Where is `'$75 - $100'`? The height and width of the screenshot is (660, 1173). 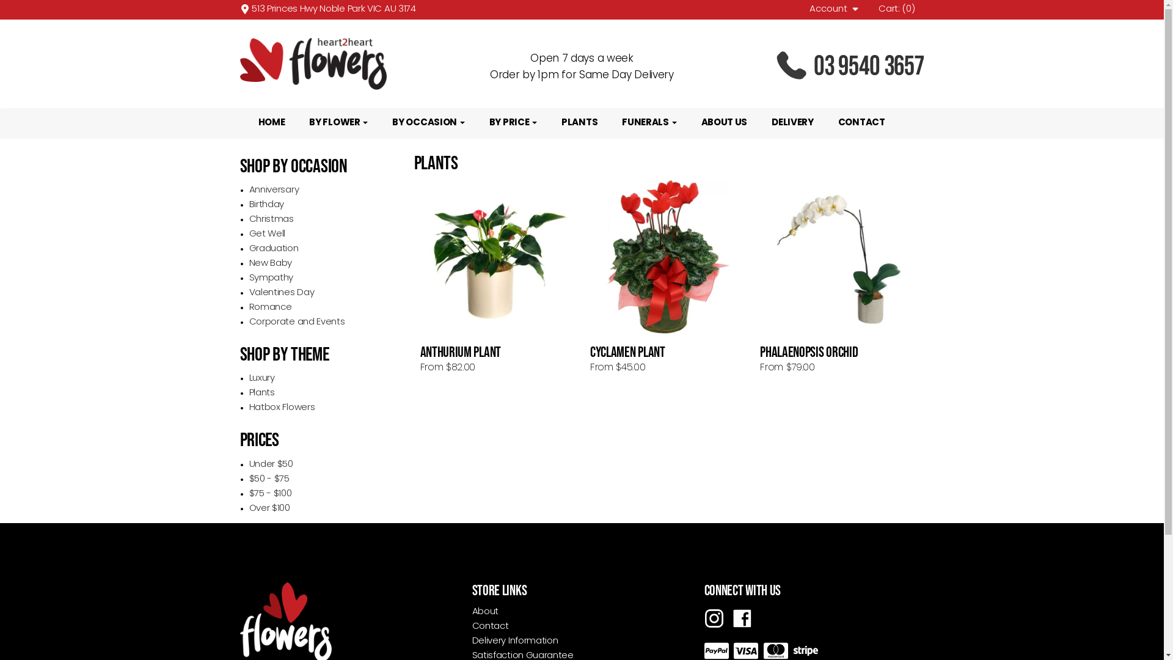
'$75 - $100' is located at coordinates (269, 493).